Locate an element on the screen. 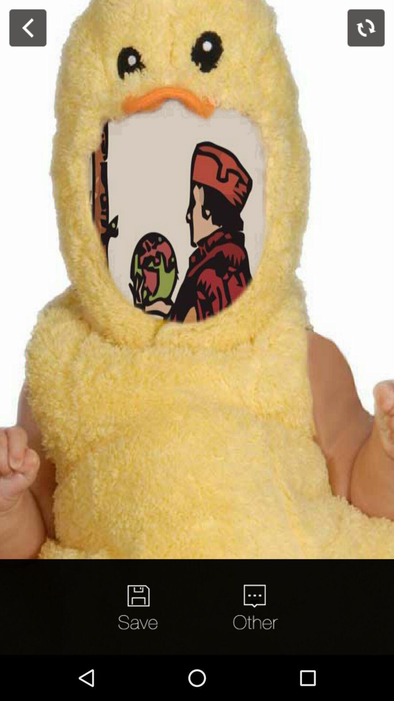 The image size is (394, 701). the save icon is located at coordinates (139, 607).